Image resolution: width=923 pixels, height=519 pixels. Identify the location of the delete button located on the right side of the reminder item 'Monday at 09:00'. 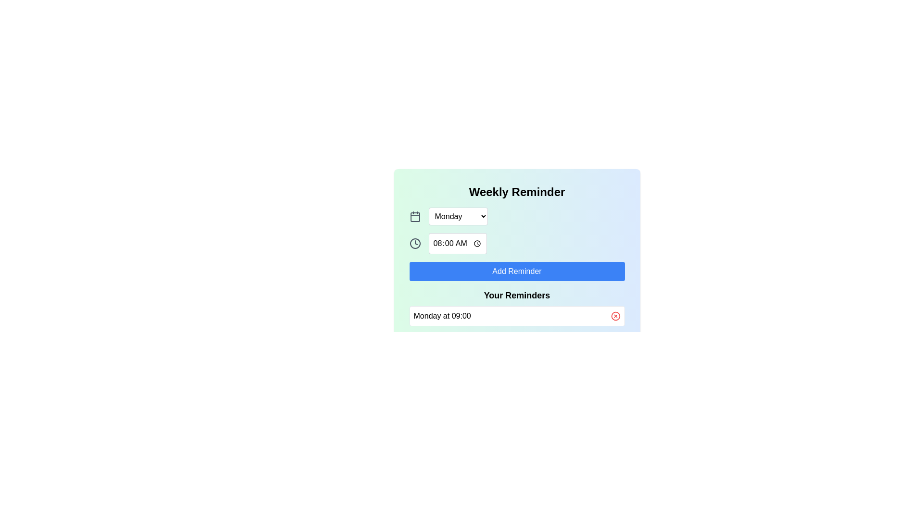
(615, 316).